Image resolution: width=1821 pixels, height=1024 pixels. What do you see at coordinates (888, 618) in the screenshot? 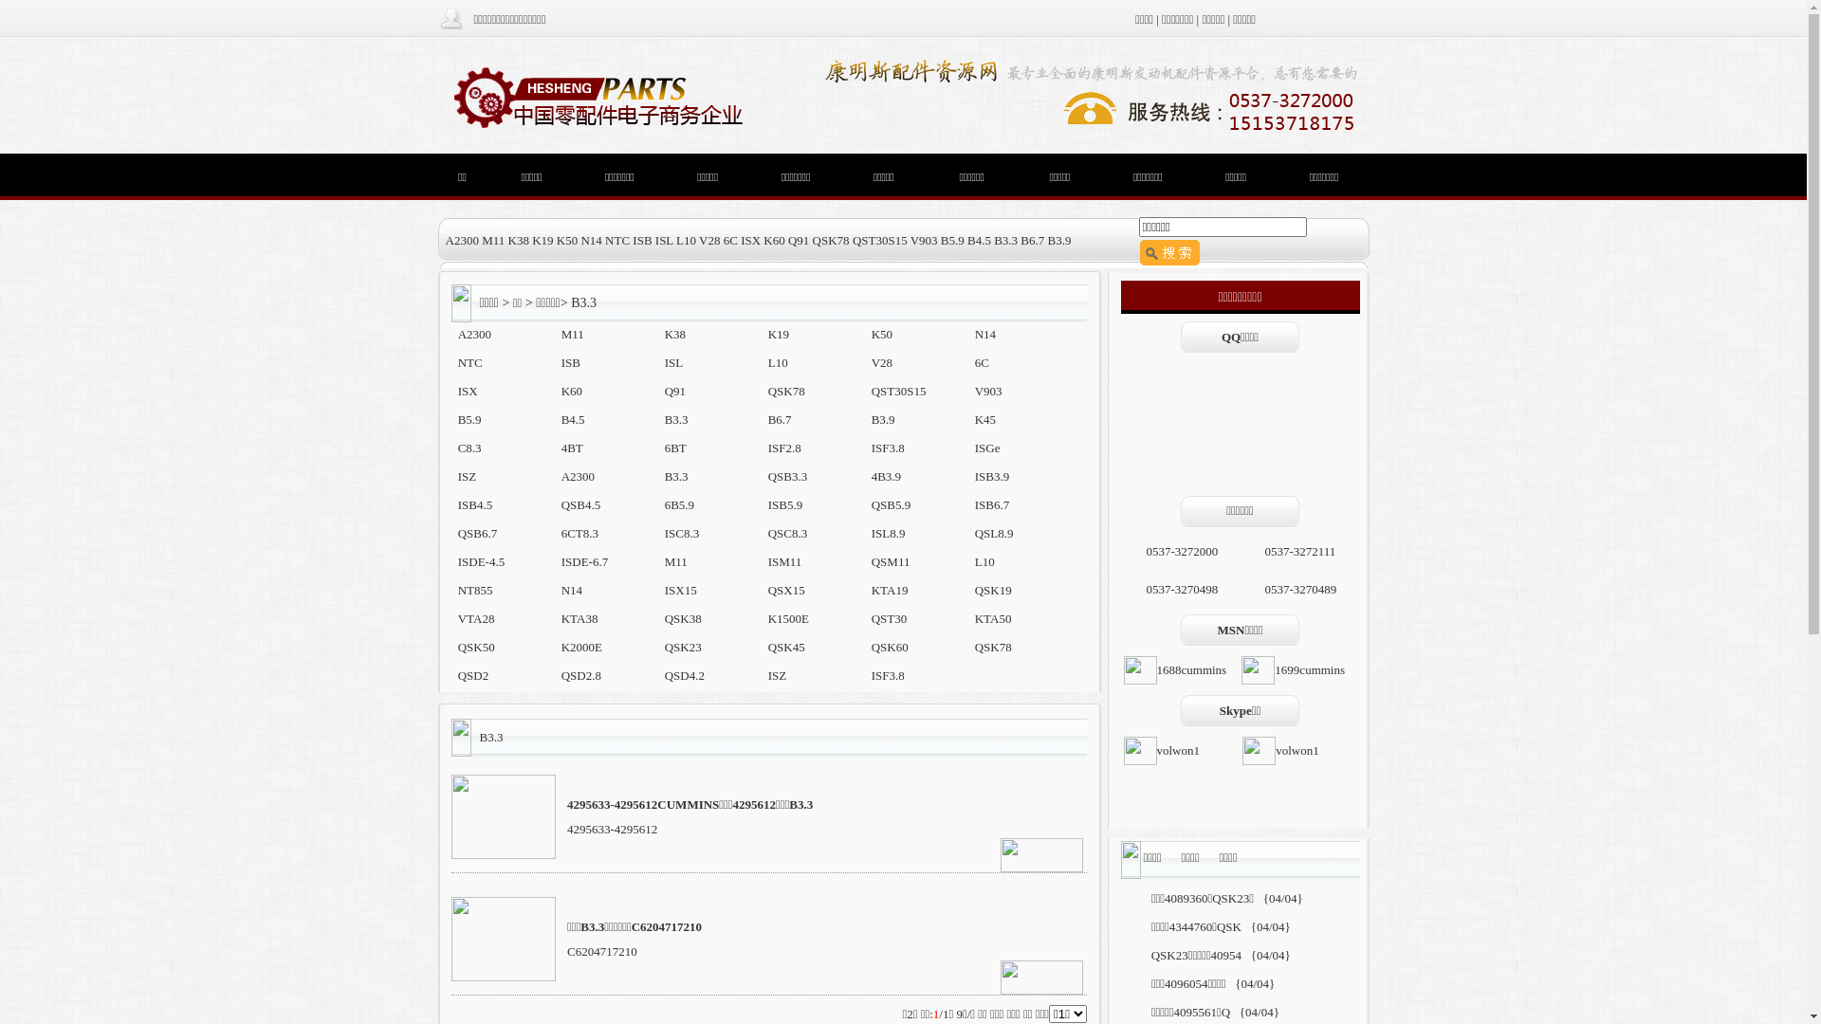
I see `'QST30'` at bounding box center [888, 618].